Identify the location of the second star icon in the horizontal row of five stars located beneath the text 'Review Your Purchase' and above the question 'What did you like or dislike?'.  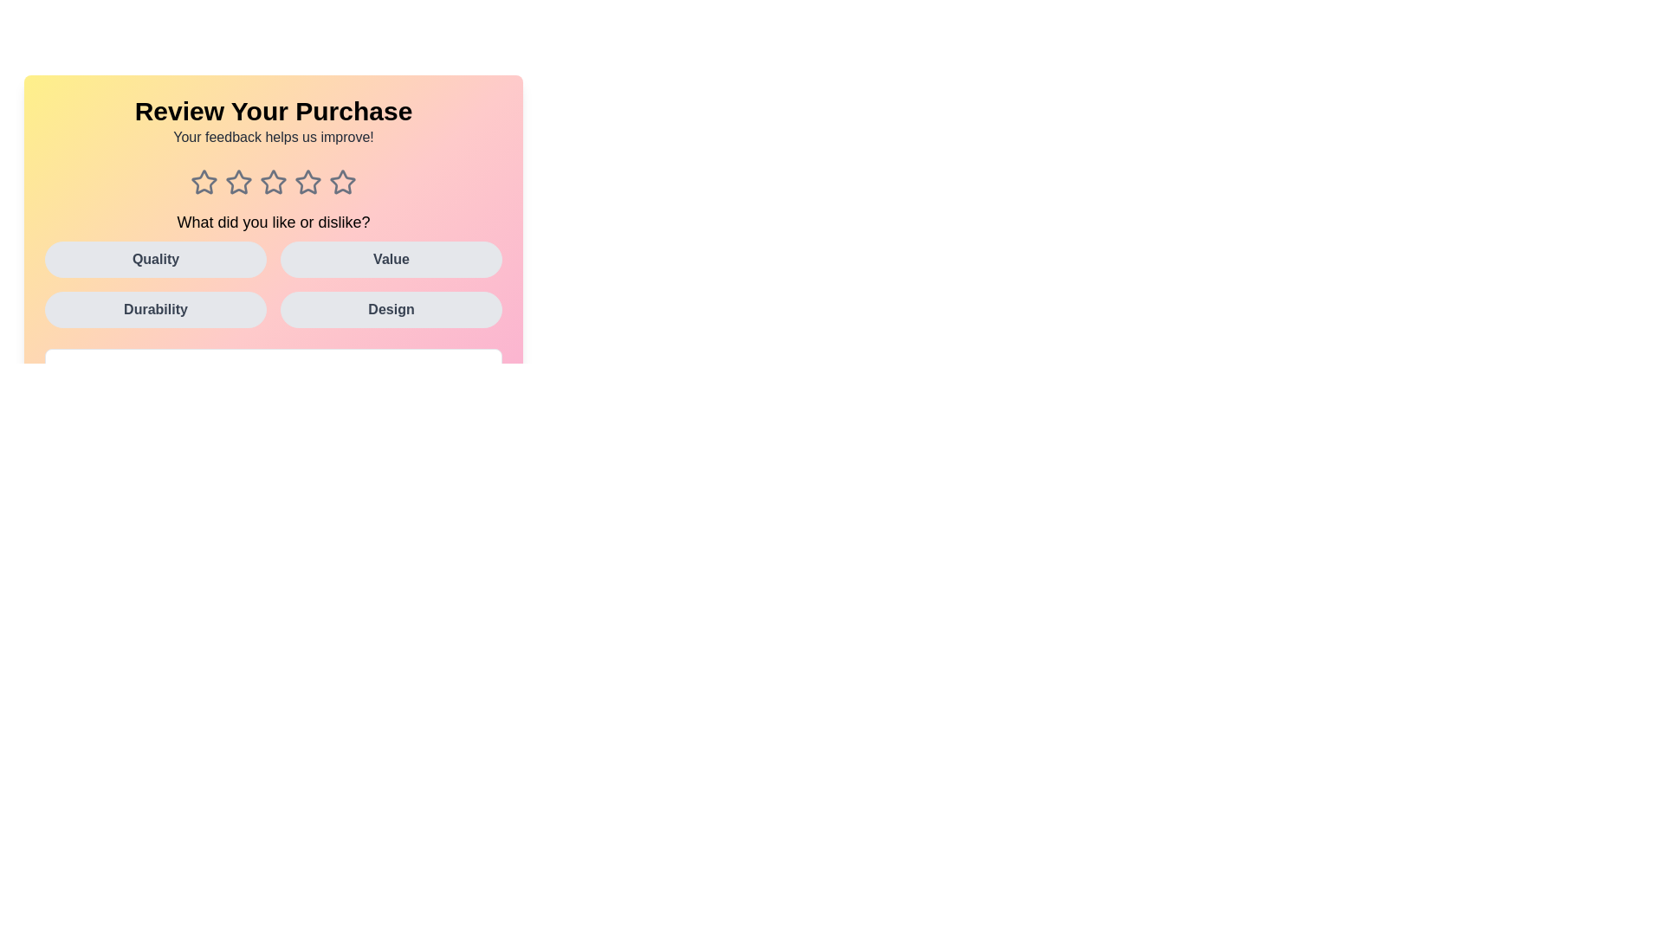
(237, 182).